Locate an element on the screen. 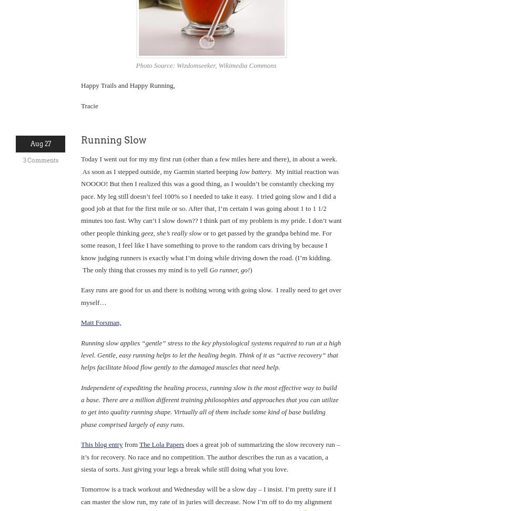  'The Lola Papers' is located at coordinates (161, 444).